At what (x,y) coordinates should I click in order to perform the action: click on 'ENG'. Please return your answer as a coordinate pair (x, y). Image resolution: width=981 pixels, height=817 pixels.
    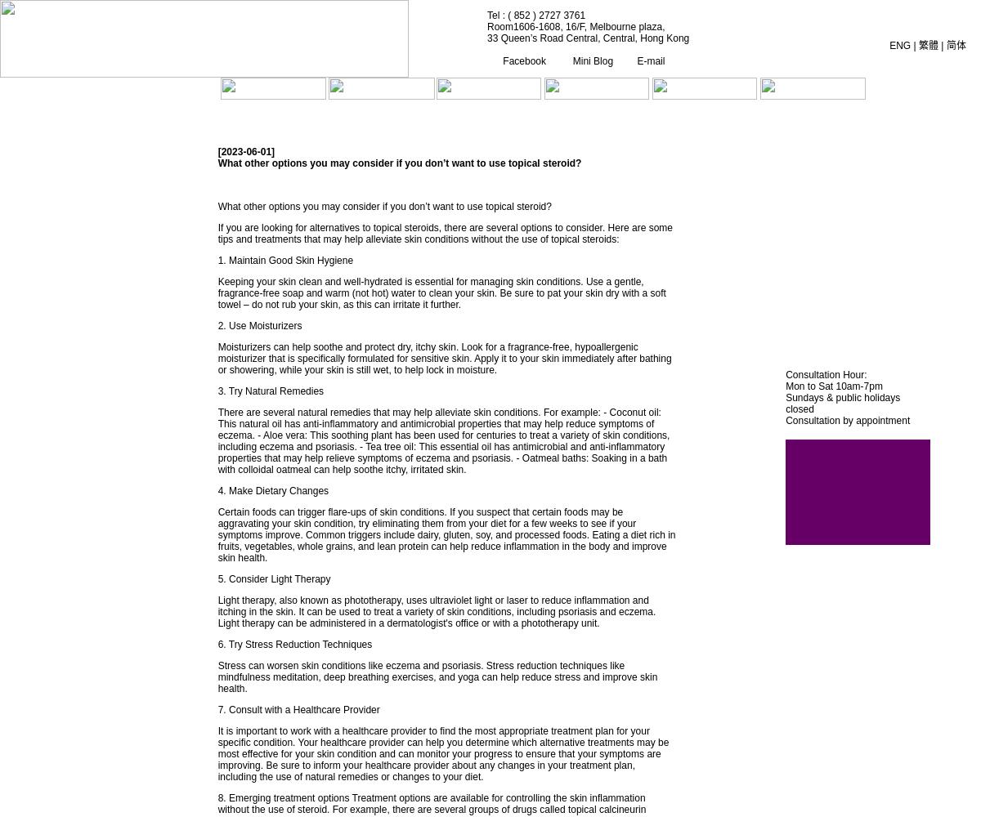
    Looking at the image, I should click on (899, 46).